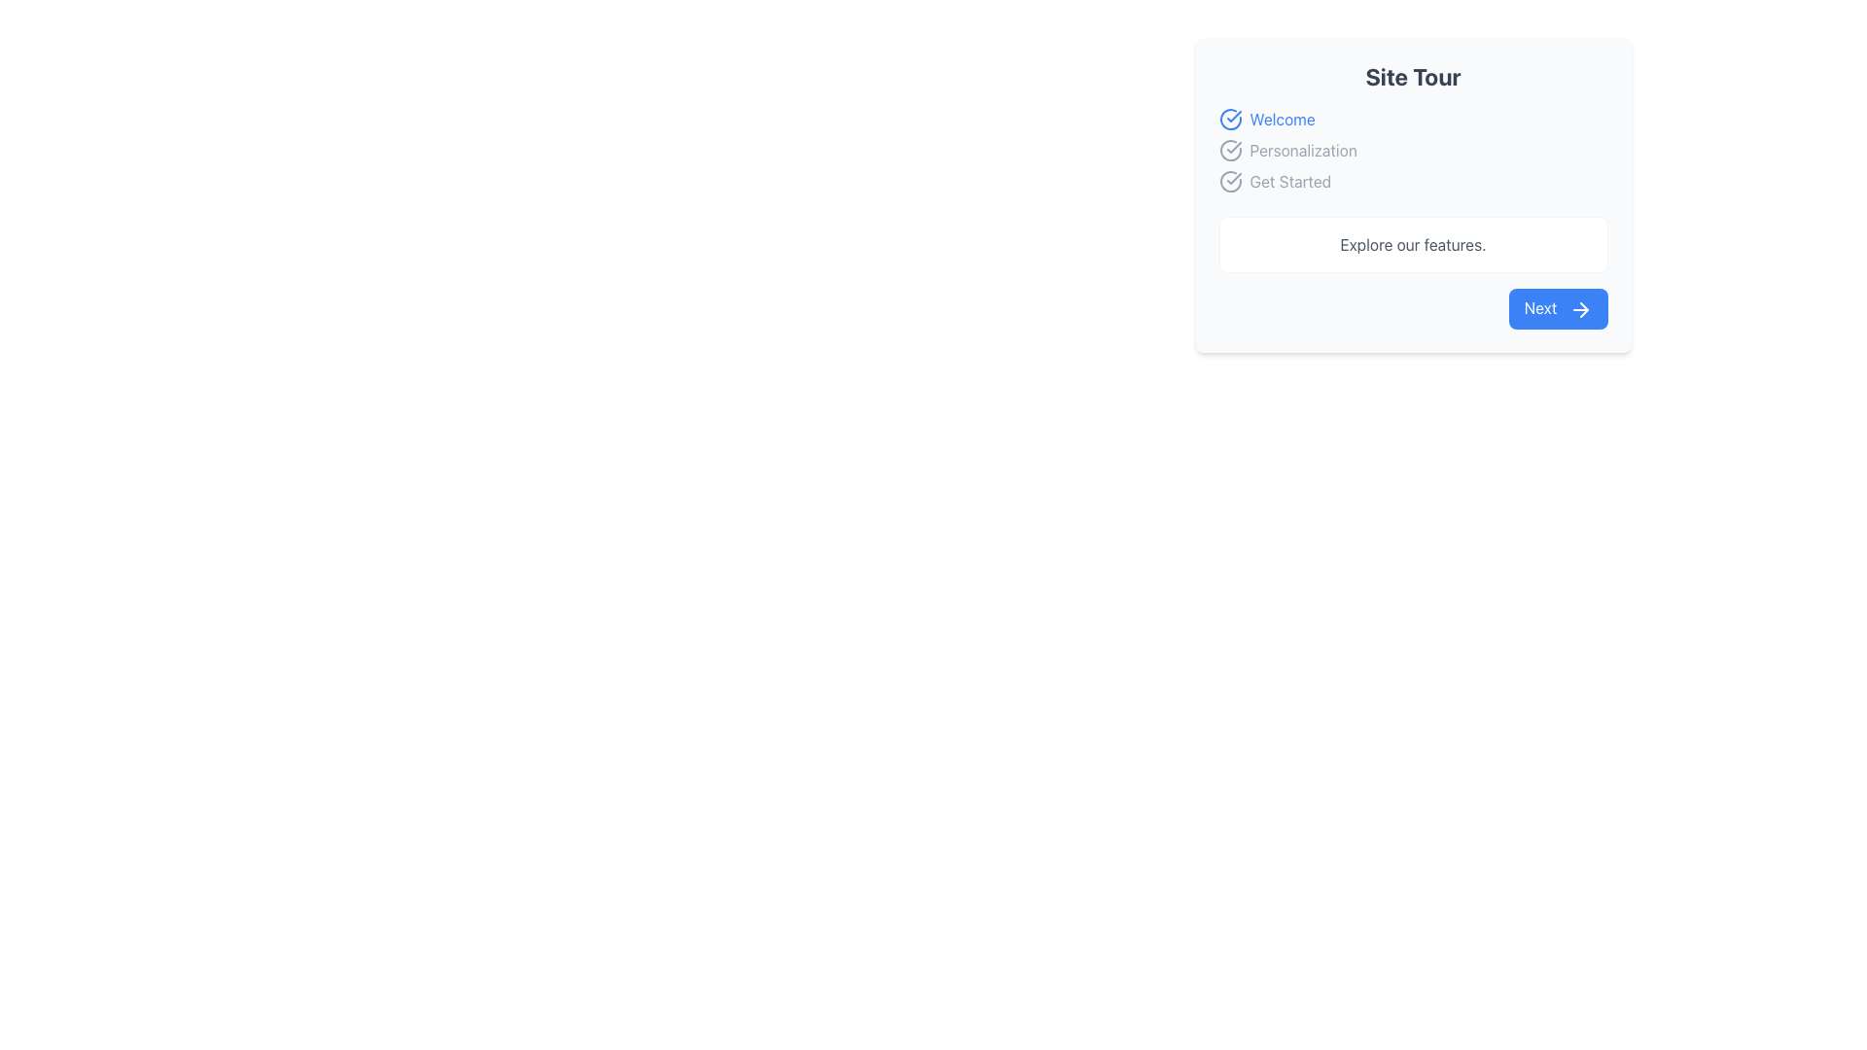 This screenshot has width=1867, height=1050. Describe the element at coordinates (1580, 308) in the screenshot. I see `the 'Next' button located at the bottom-right corner of the card-like section` at that location.